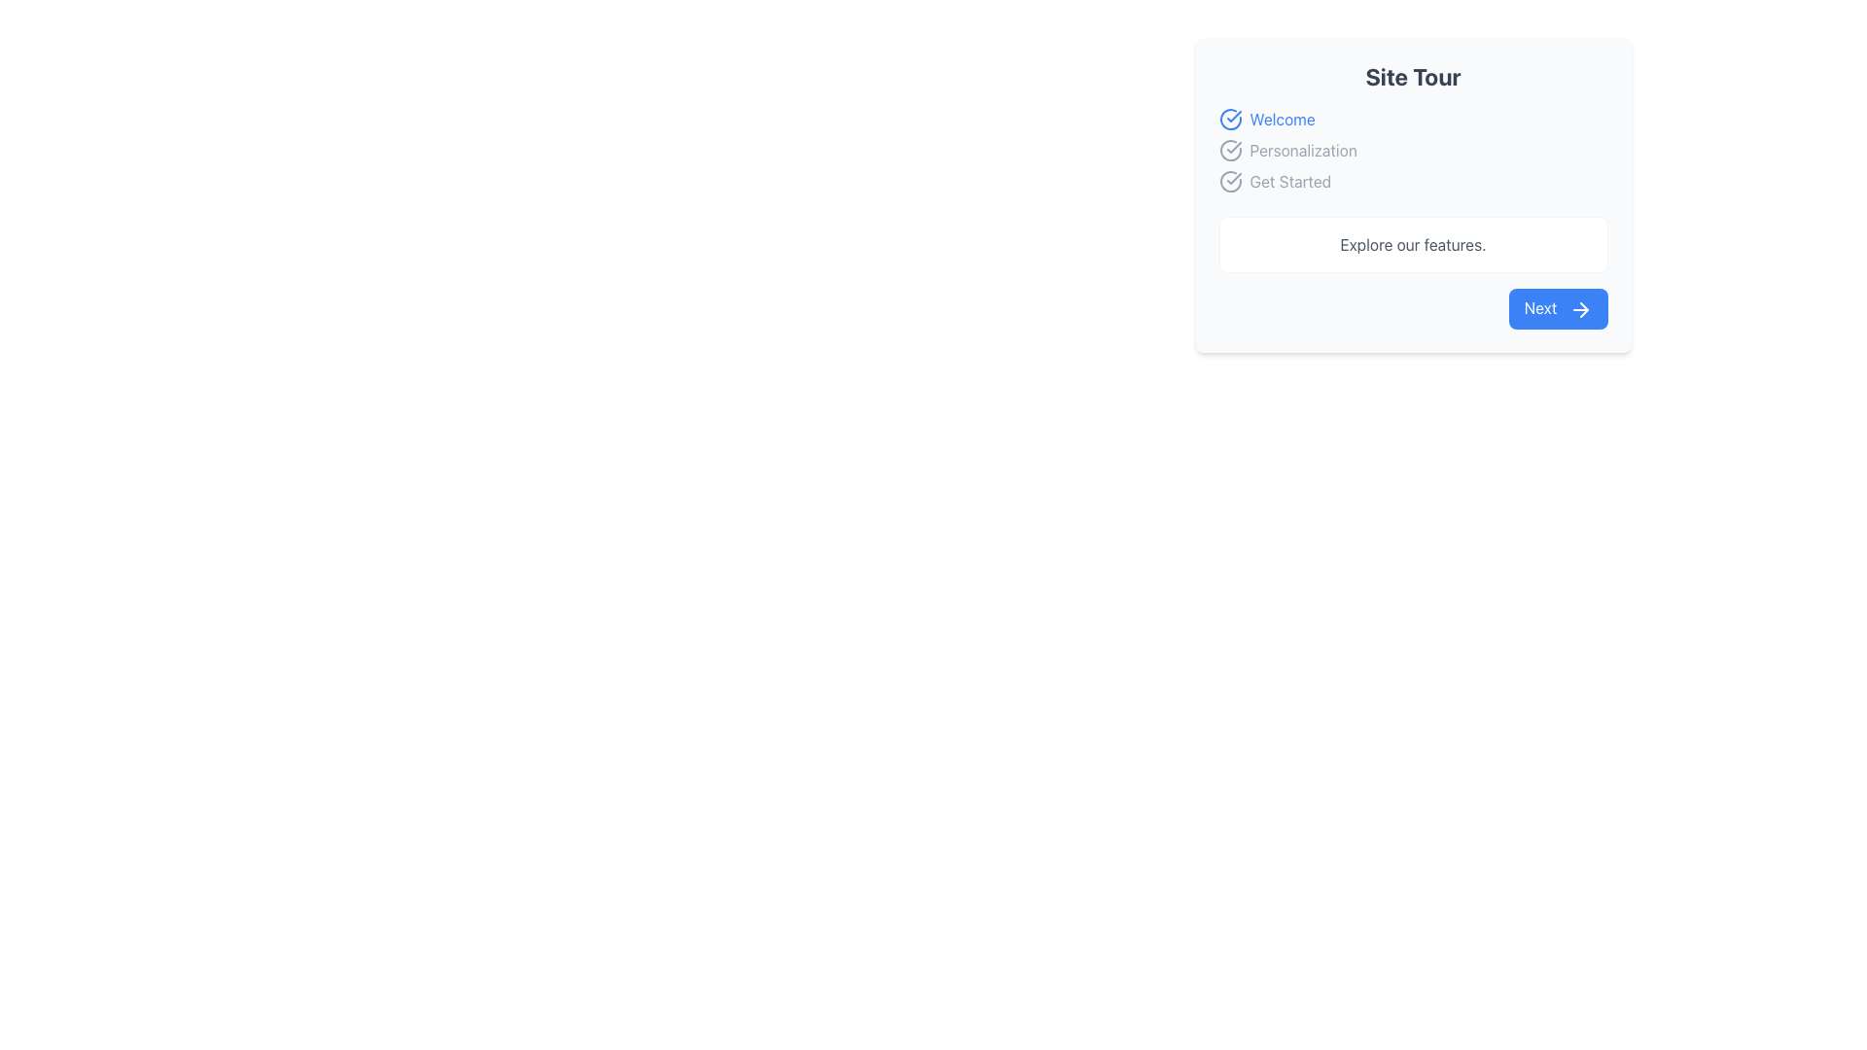 This screenshot has width=1867, height=1050. Describe the element at coordinates (1580, 308) in the screenshot. I see `the 'Next' button located at the bottom-right corner of the card-like section` at that location.